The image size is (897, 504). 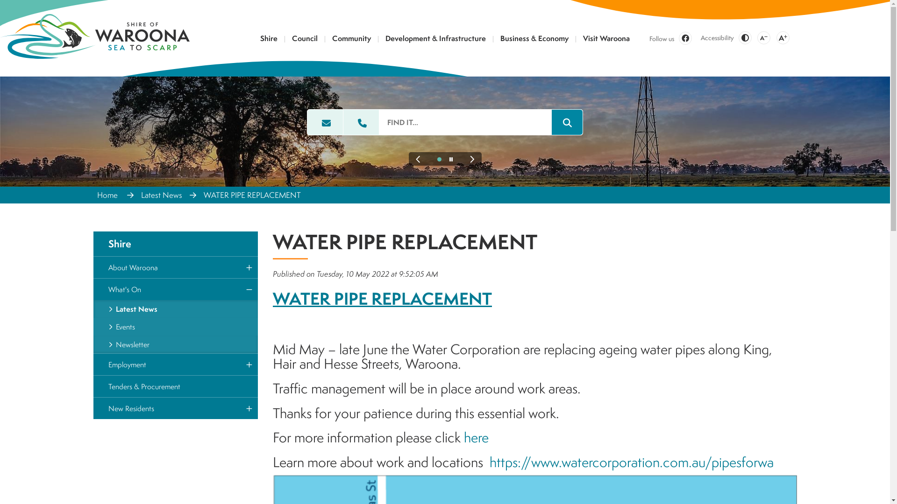 I want to click on 'Newsletter', so click(x=176, y=344).